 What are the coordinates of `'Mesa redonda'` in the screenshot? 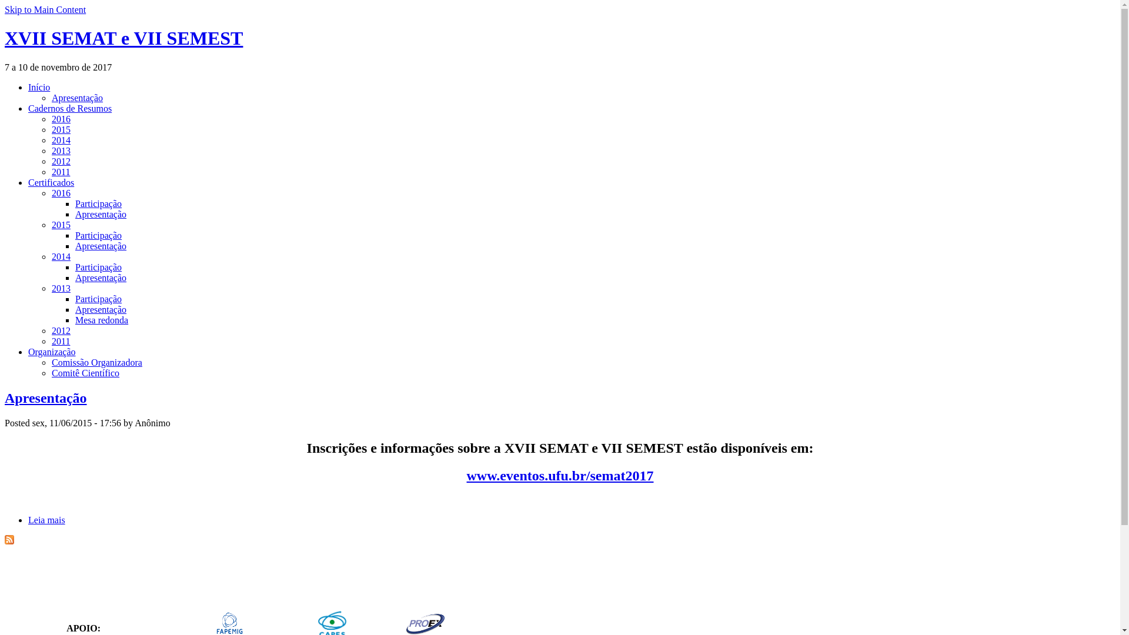 It's located at (75, 320).